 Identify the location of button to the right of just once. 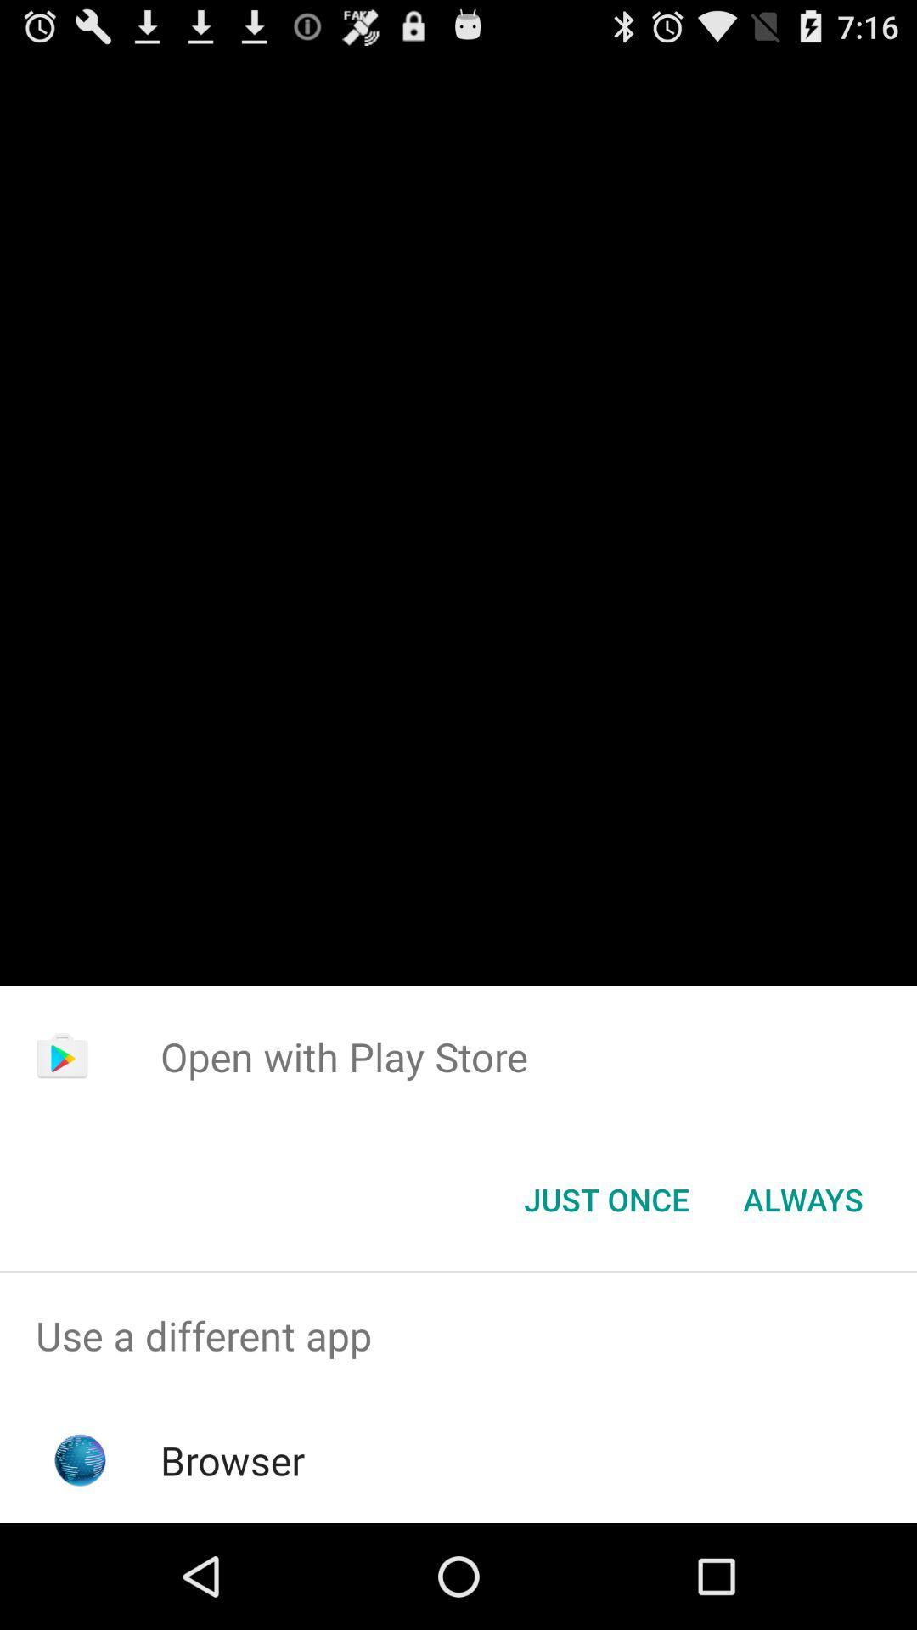
(802, 1198).